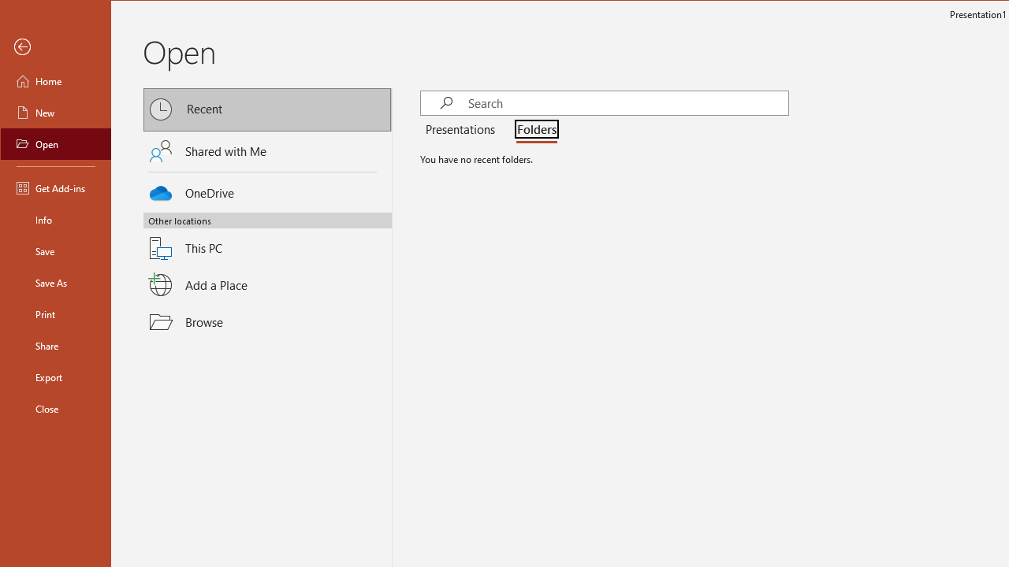  I want to click on 'Info', so click(56, 220).